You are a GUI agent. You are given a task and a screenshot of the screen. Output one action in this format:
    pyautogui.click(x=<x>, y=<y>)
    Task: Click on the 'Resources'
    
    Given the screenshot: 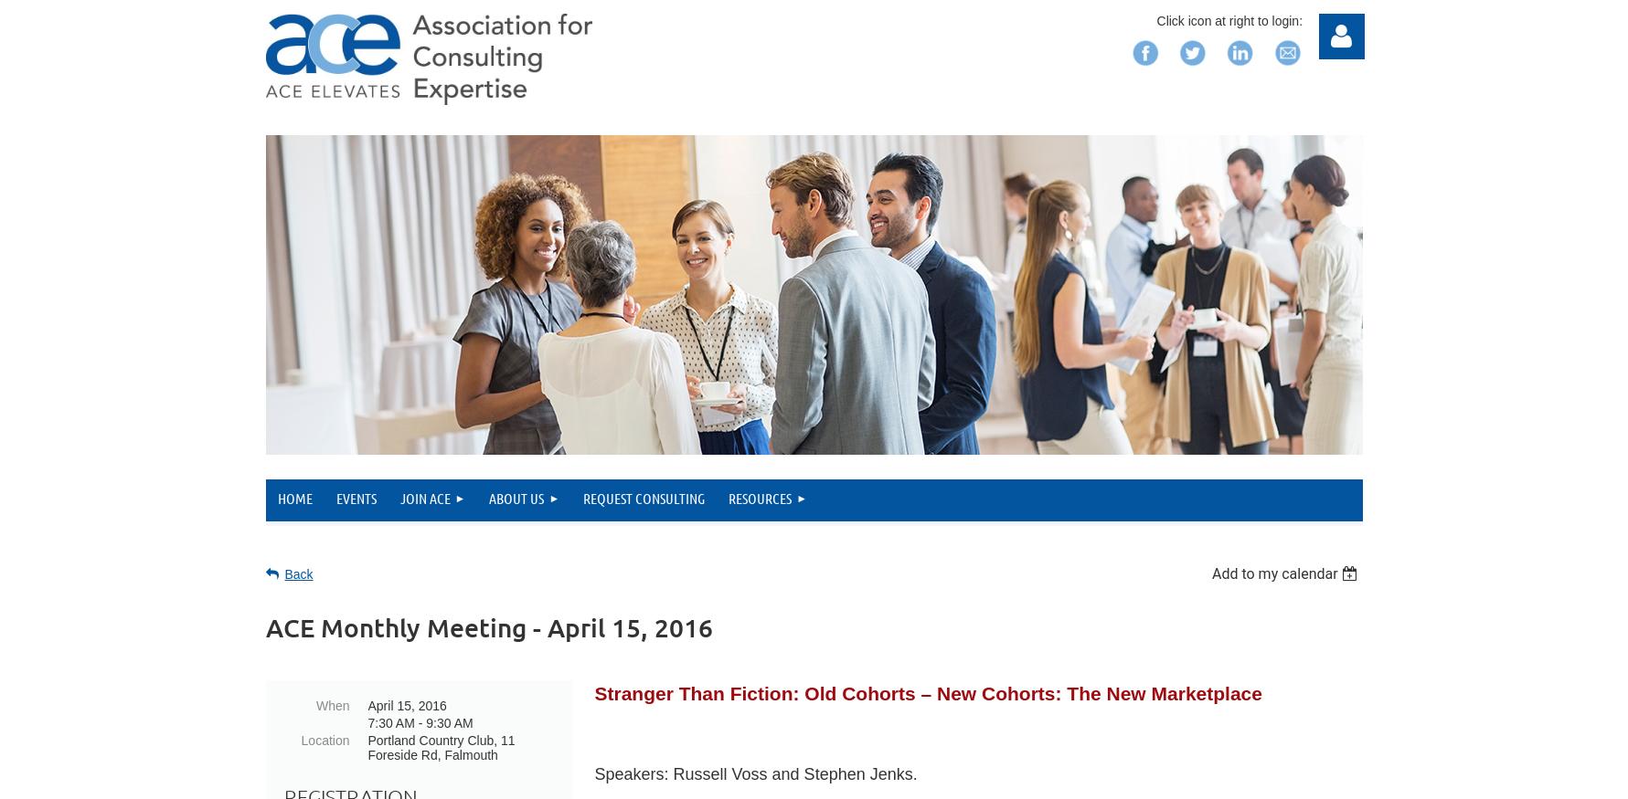 What is the action you would take?
    pyautogui.click(x=760, y=497)
    